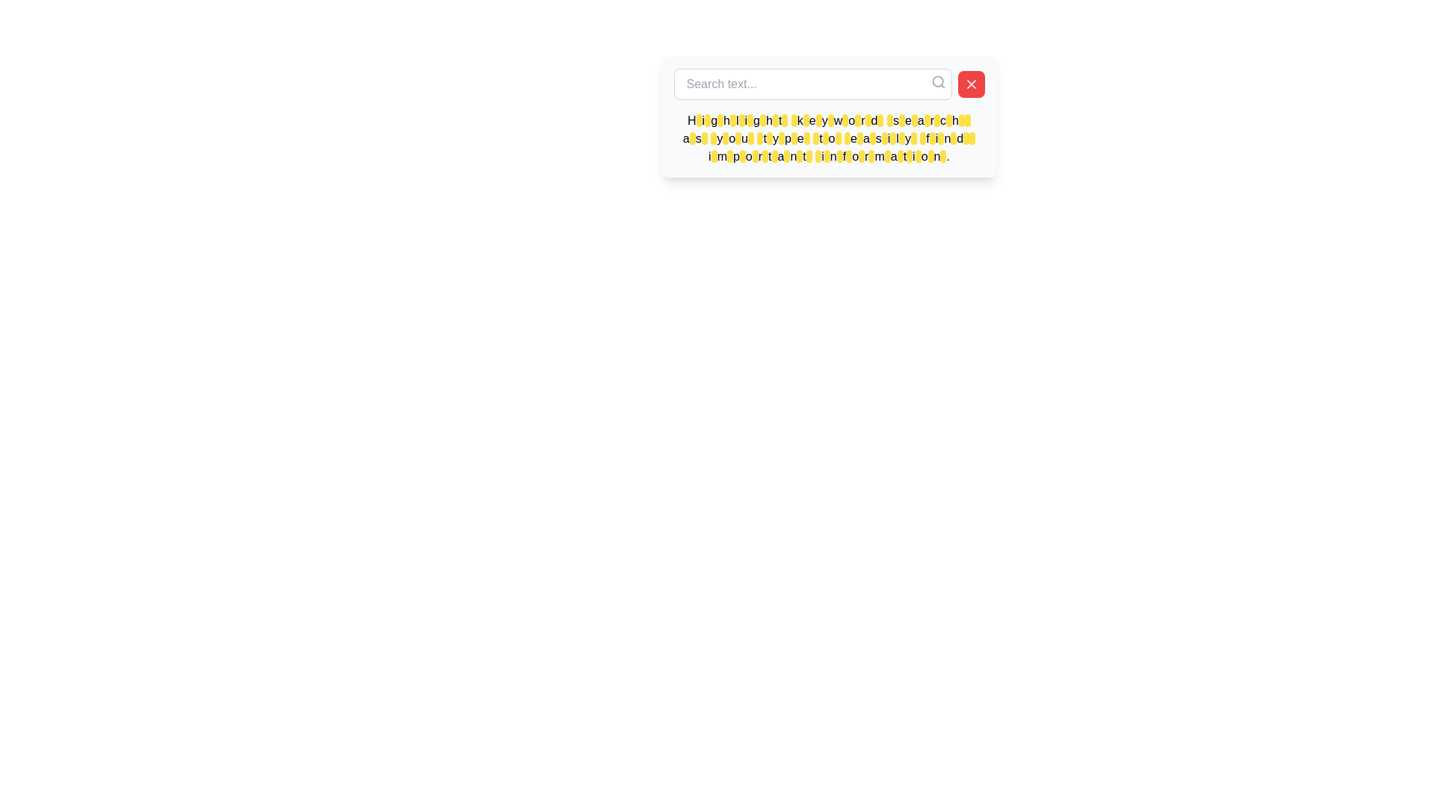 The width and height of the screenshot is (1435, 807). Describe the element at coordinates (838, 138) in the screenshot. I see `the small rounded rectangle decorative highlight with a yellow background, positioned in the second line of the multiline informational message` at that location.